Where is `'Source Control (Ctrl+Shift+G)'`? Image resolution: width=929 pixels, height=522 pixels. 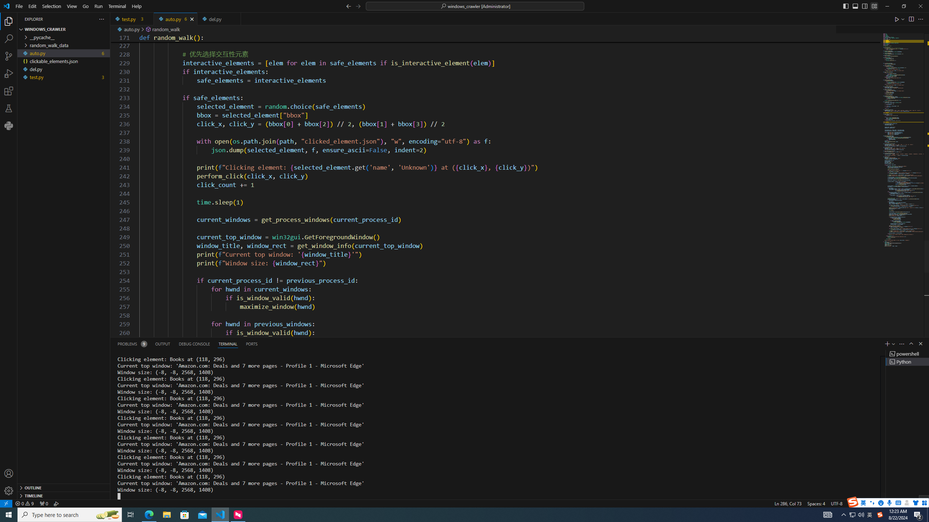 'Source Control (Ctrl+Shift+G)' is located at coordinates (9, 55).